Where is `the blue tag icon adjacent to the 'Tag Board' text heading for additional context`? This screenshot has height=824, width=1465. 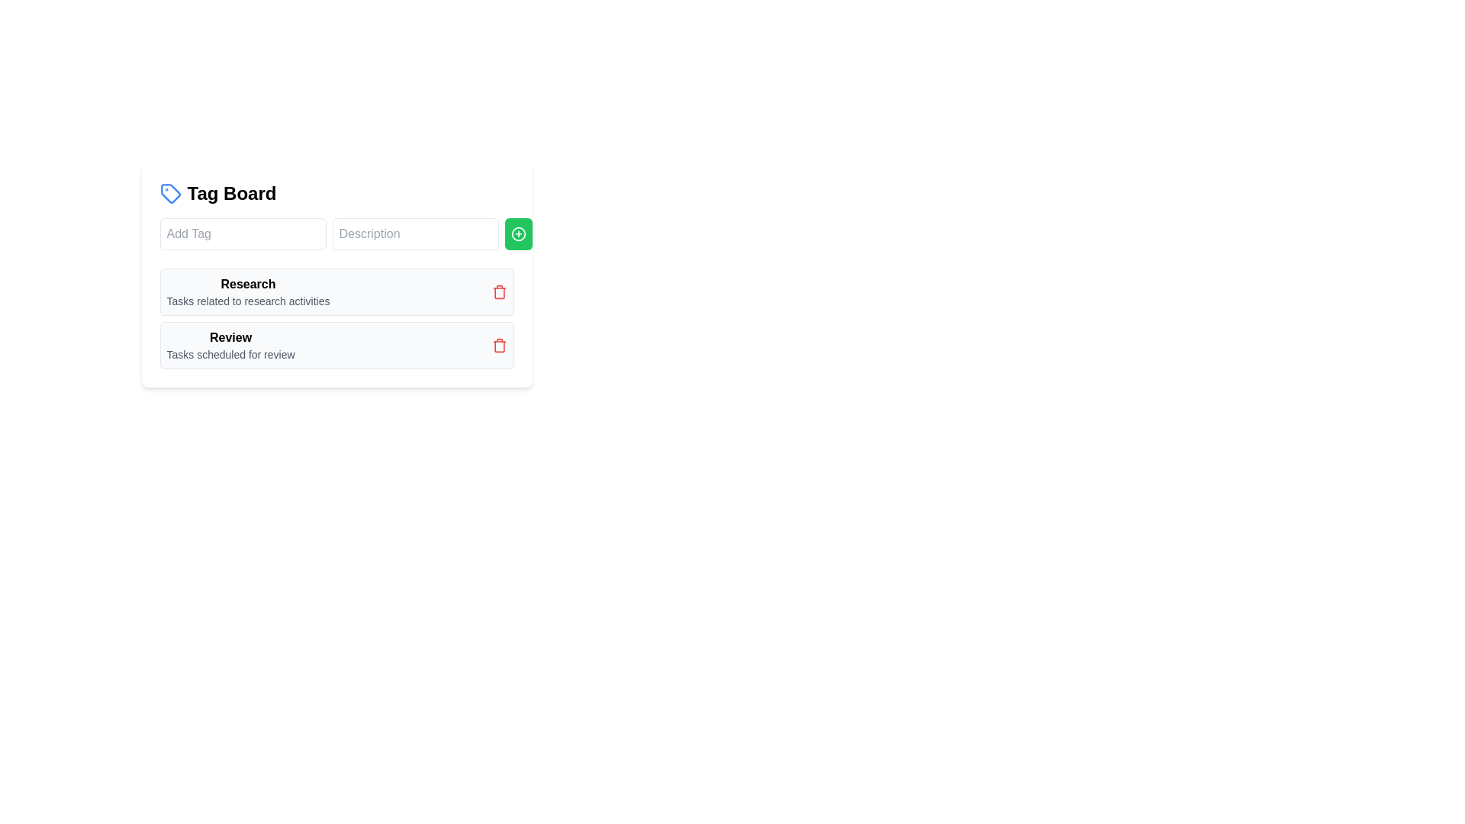 the blue tag icon adjacent to the 'Tag Board' text heading for additional context is located at coordinates (336, 193).